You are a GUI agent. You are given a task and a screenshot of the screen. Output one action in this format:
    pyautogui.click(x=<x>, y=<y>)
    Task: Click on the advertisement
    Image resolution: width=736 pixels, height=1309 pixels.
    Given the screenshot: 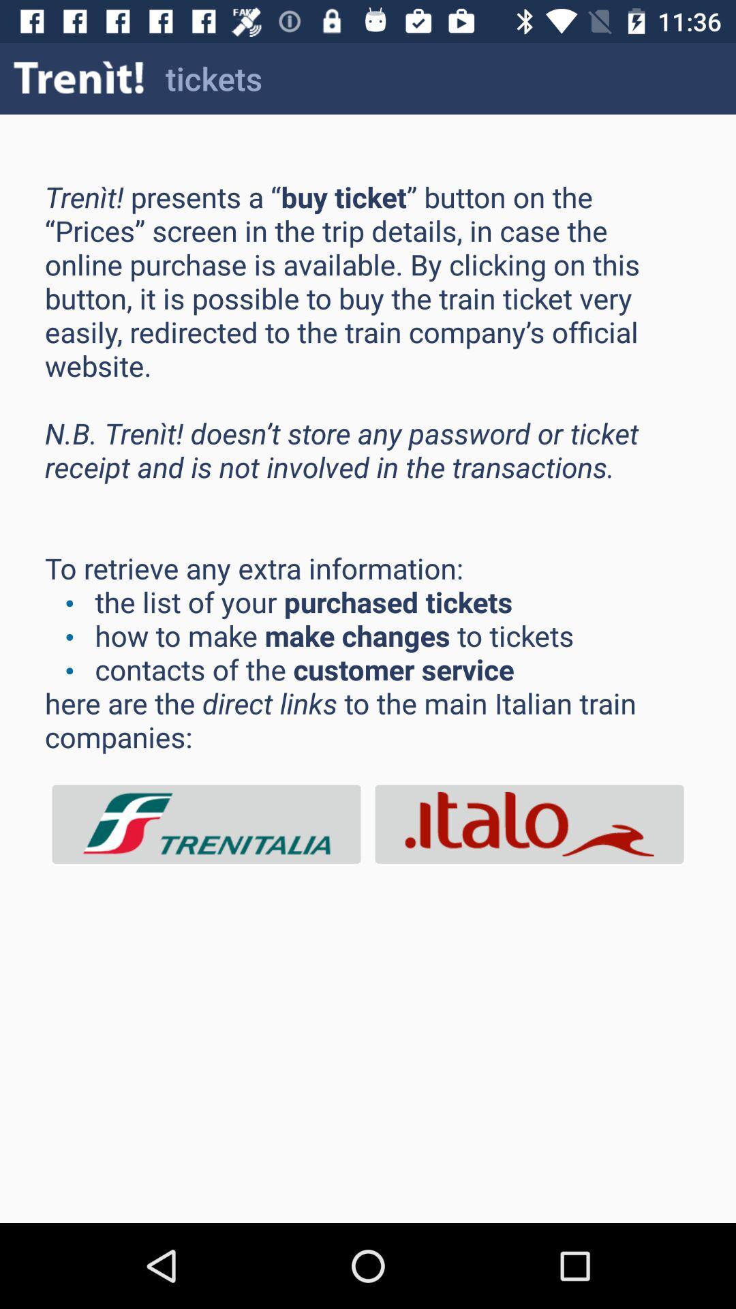 What is the action you would take?
    pyautogui.click(x=528, y=824)
    